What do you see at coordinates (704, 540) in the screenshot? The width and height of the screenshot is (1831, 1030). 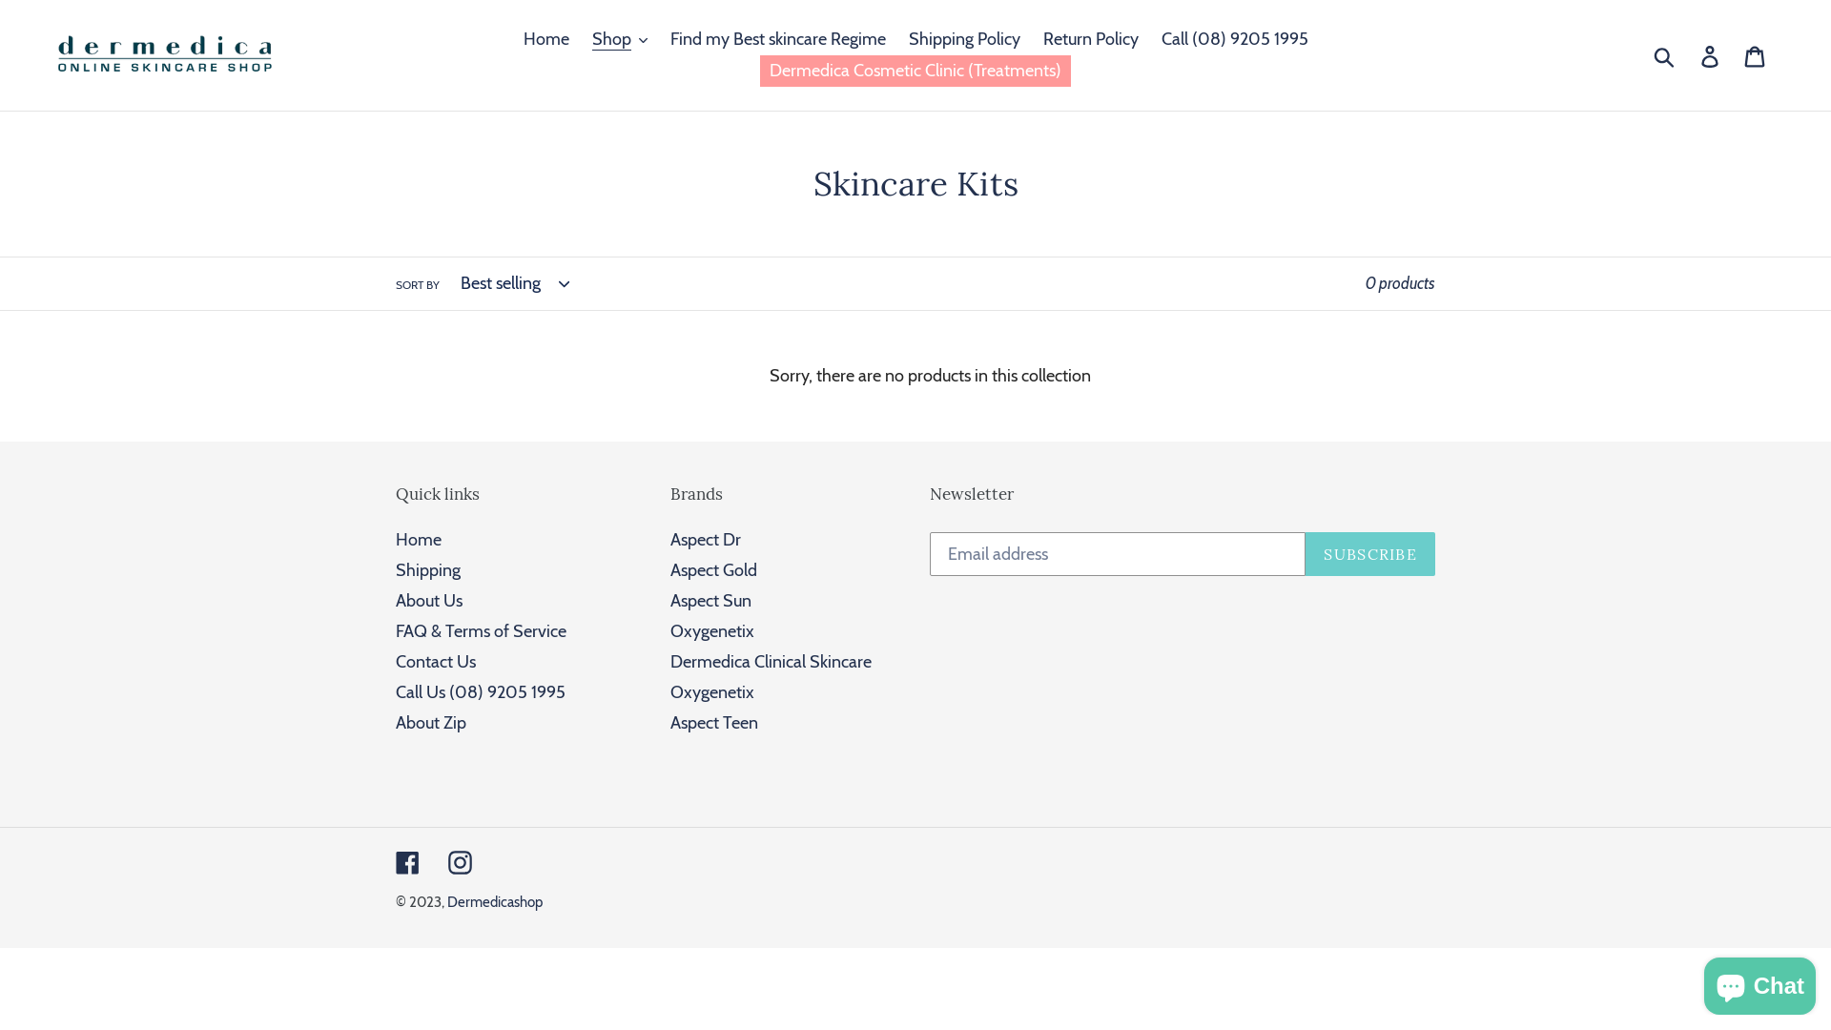 I see `'Aspect Dr'` at bounding box center [704, 540].